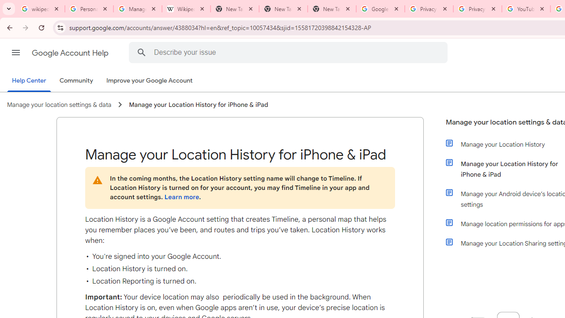  I want to click on 'New Tab', so click(283, 9).